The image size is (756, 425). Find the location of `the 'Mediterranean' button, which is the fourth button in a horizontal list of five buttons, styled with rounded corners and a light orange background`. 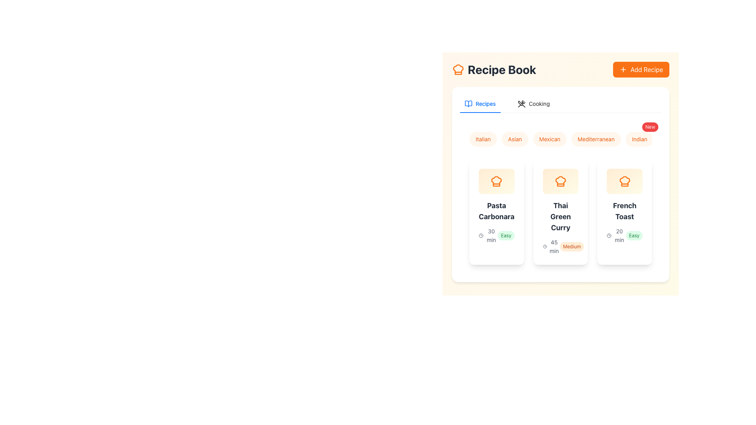

the 'Mediterranean' button, which is the fourth button in a horizontal list of five buttons, styled with rounded corners and a light orange background is located at coordinates (596, 139).